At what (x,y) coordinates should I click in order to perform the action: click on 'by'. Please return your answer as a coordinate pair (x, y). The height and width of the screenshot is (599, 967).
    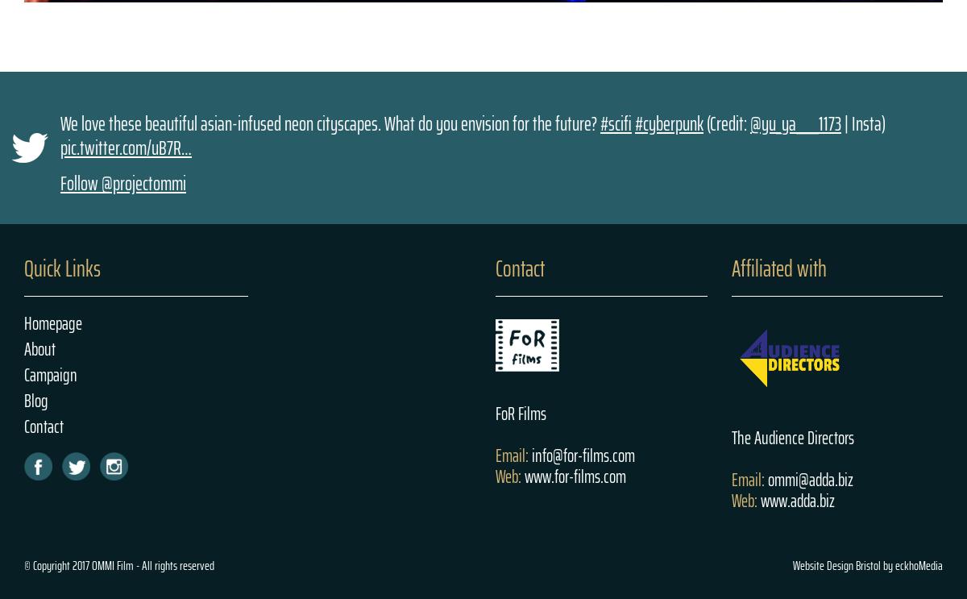
    Looking at the image, I should click on (886, 564).